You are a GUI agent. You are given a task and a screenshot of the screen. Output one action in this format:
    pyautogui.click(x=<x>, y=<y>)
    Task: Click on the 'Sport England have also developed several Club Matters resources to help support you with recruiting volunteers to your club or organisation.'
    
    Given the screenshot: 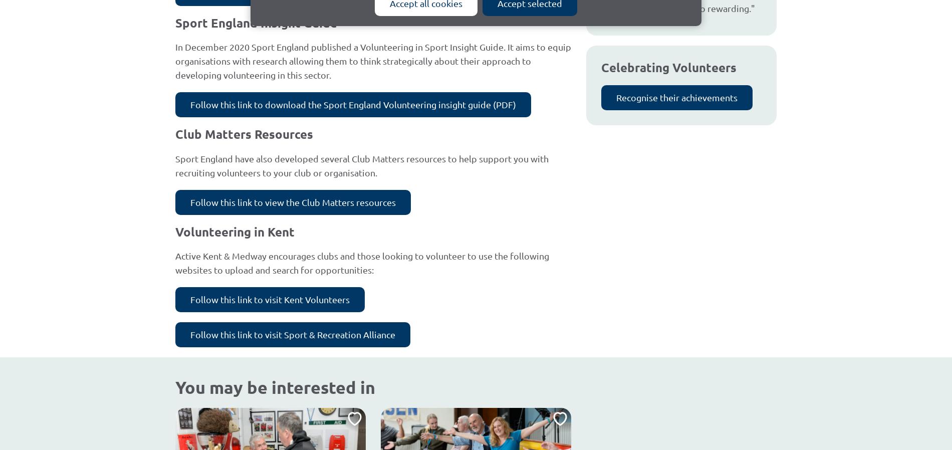 What is the action you would take?
    pyautogui.click(x=361, y=165)
    